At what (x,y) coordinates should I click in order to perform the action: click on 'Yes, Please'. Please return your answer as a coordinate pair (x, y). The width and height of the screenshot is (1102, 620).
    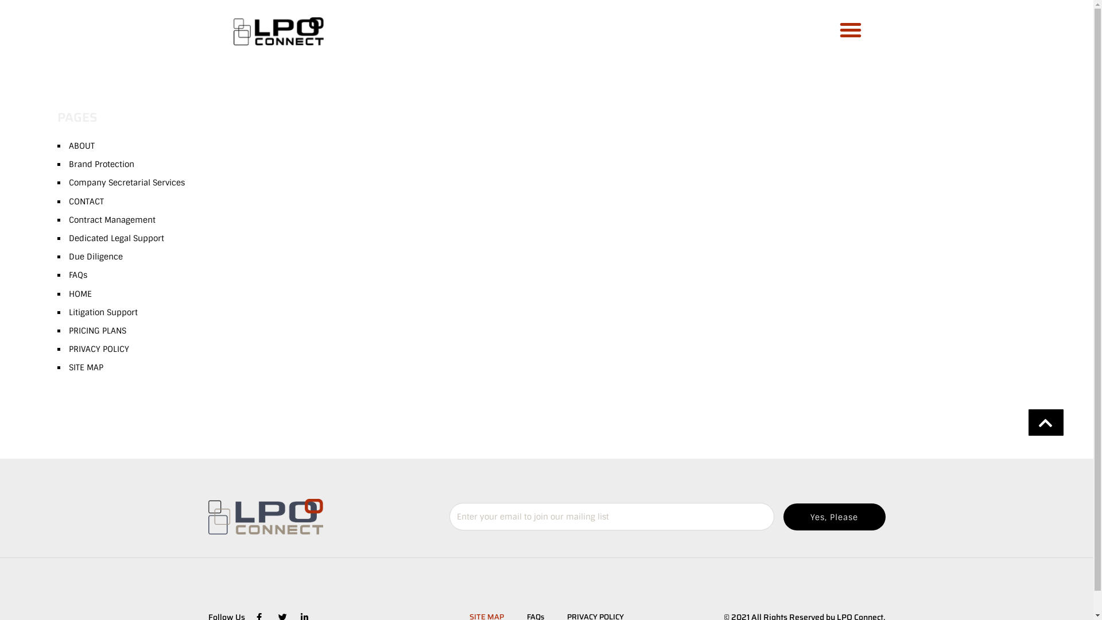
    Looking at the image, I should click on (834, 517).